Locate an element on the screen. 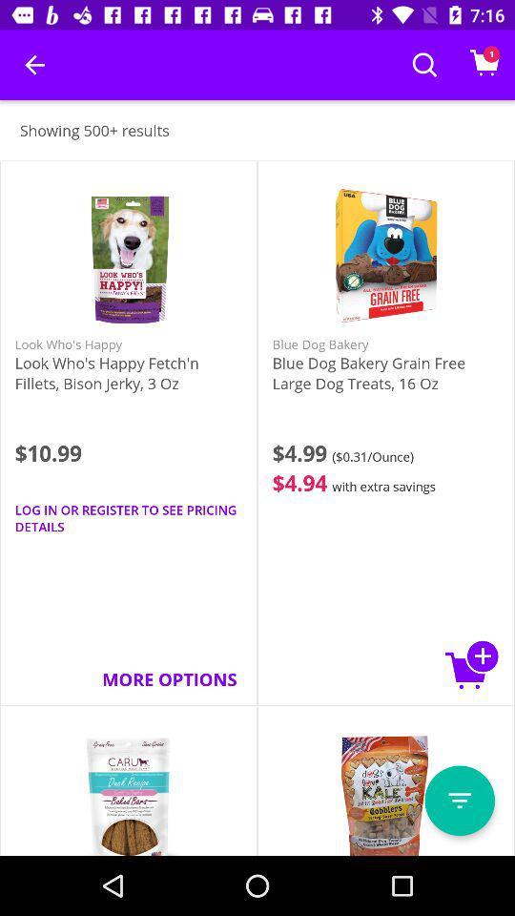 The image size is (515, 916). the log in or item is located at coordinates (129, 518).